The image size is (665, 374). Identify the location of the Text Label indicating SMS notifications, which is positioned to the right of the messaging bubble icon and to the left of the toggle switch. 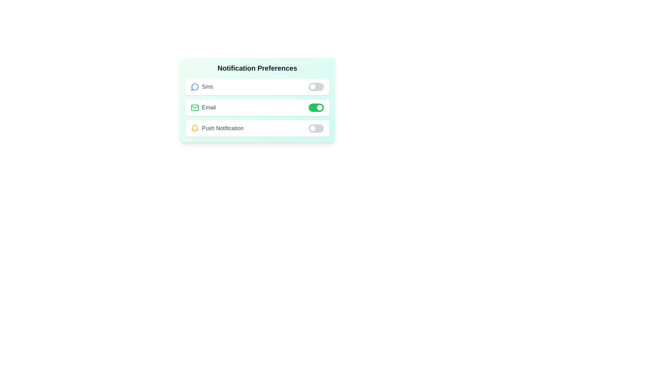
(207, 86).